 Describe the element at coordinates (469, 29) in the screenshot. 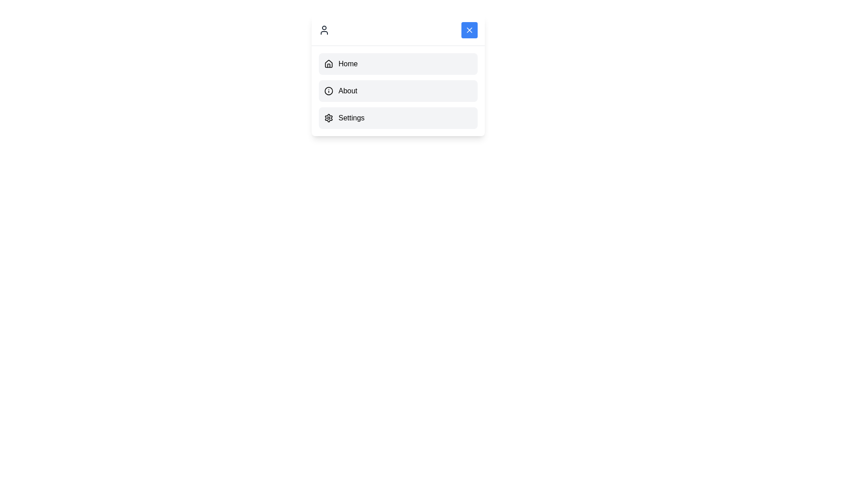

I see `the close button located at the top-right corner of the dropdown or modal panel` at that location.